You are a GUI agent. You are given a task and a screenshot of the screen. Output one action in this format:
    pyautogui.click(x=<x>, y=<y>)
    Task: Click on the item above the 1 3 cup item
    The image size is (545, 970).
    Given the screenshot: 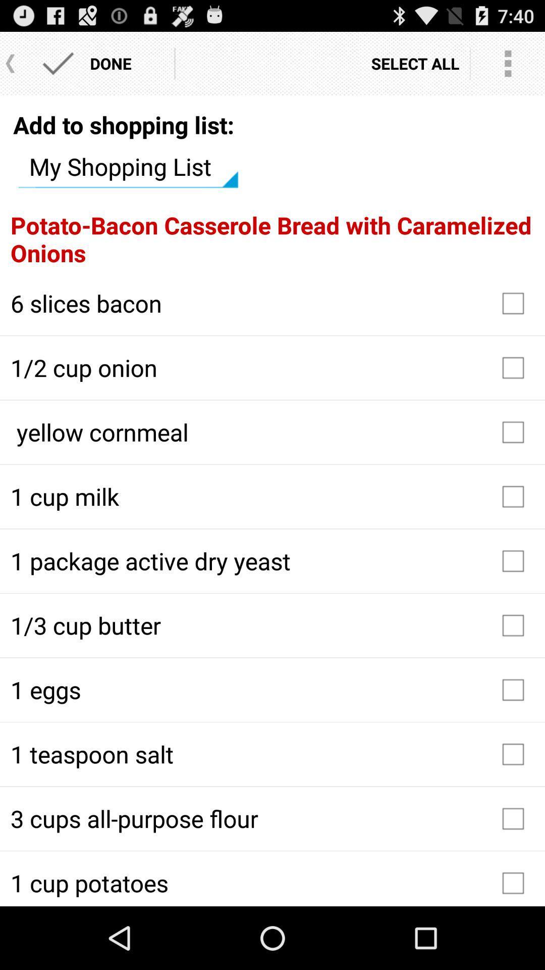 What is the action you would take?
    pyautogui.click(x=272, y=560)
    